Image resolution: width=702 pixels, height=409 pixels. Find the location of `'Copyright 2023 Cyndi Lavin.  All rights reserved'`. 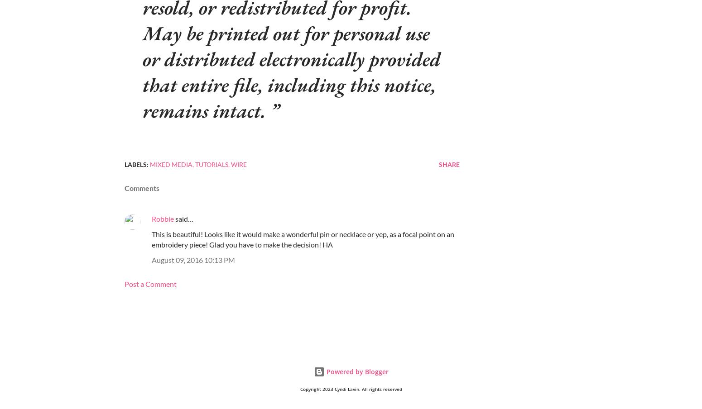

'Copyright 2023 Cyndi Lavin.  All rights reserved' is located at coordinates (351, 389).